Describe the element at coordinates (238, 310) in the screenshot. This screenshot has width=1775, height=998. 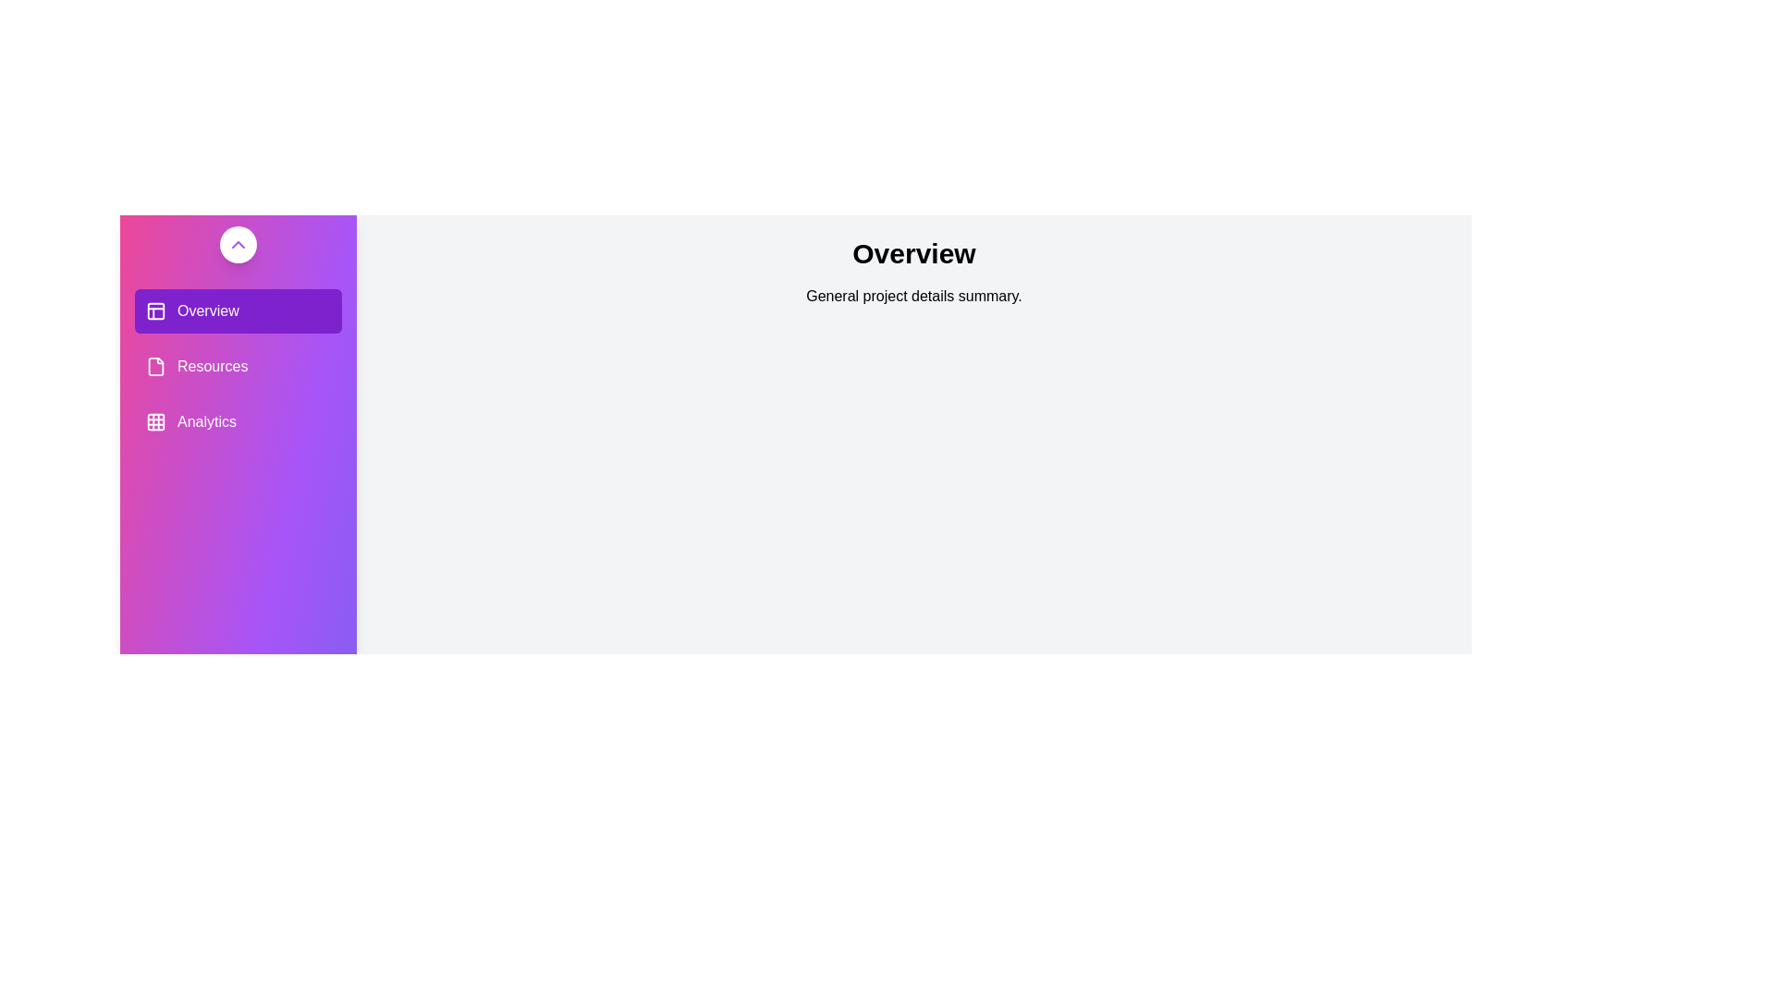
I see `the section Overview from the sidebar` at that location.